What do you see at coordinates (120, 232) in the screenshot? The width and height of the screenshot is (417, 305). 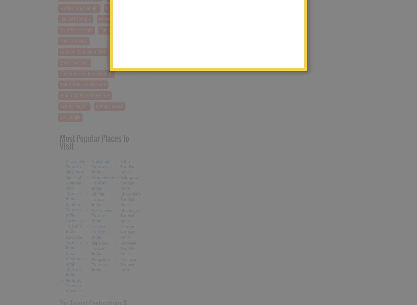 I see `'Gomoh Tourism  India'` at bounding box center [120, 232].